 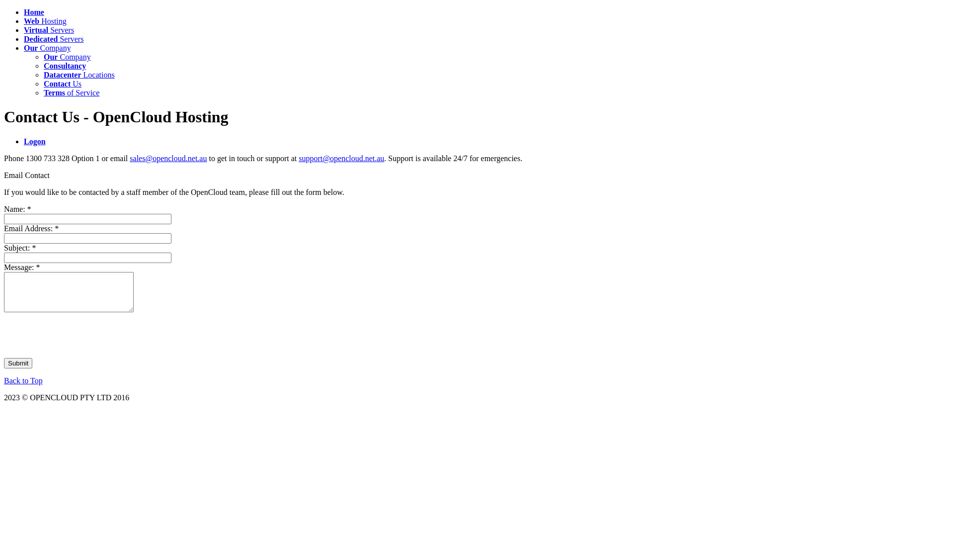 What do you see at coordinates (18, 363) in the screenshot?
I see `'Submit'` at bounding box center [18, 363].